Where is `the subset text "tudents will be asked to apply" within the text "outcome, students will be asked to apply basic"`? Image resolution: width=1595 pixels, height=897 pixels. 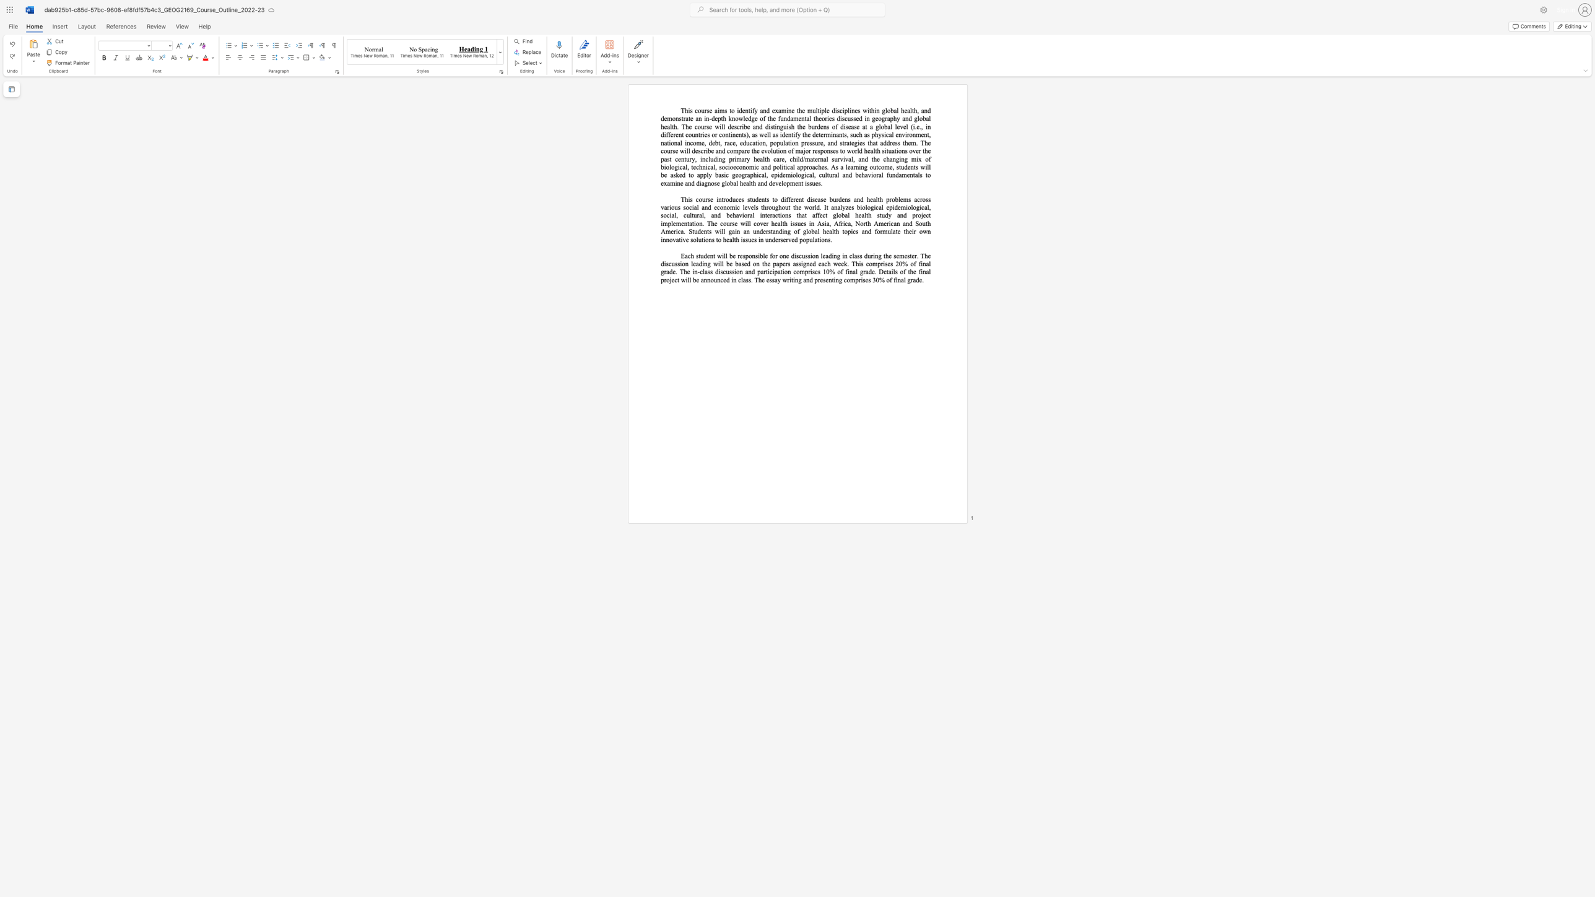
the subset text "tudents will be asked to apply" within the text "outcome, students will be asked to apply basic" is located at coordinates (898, 167).